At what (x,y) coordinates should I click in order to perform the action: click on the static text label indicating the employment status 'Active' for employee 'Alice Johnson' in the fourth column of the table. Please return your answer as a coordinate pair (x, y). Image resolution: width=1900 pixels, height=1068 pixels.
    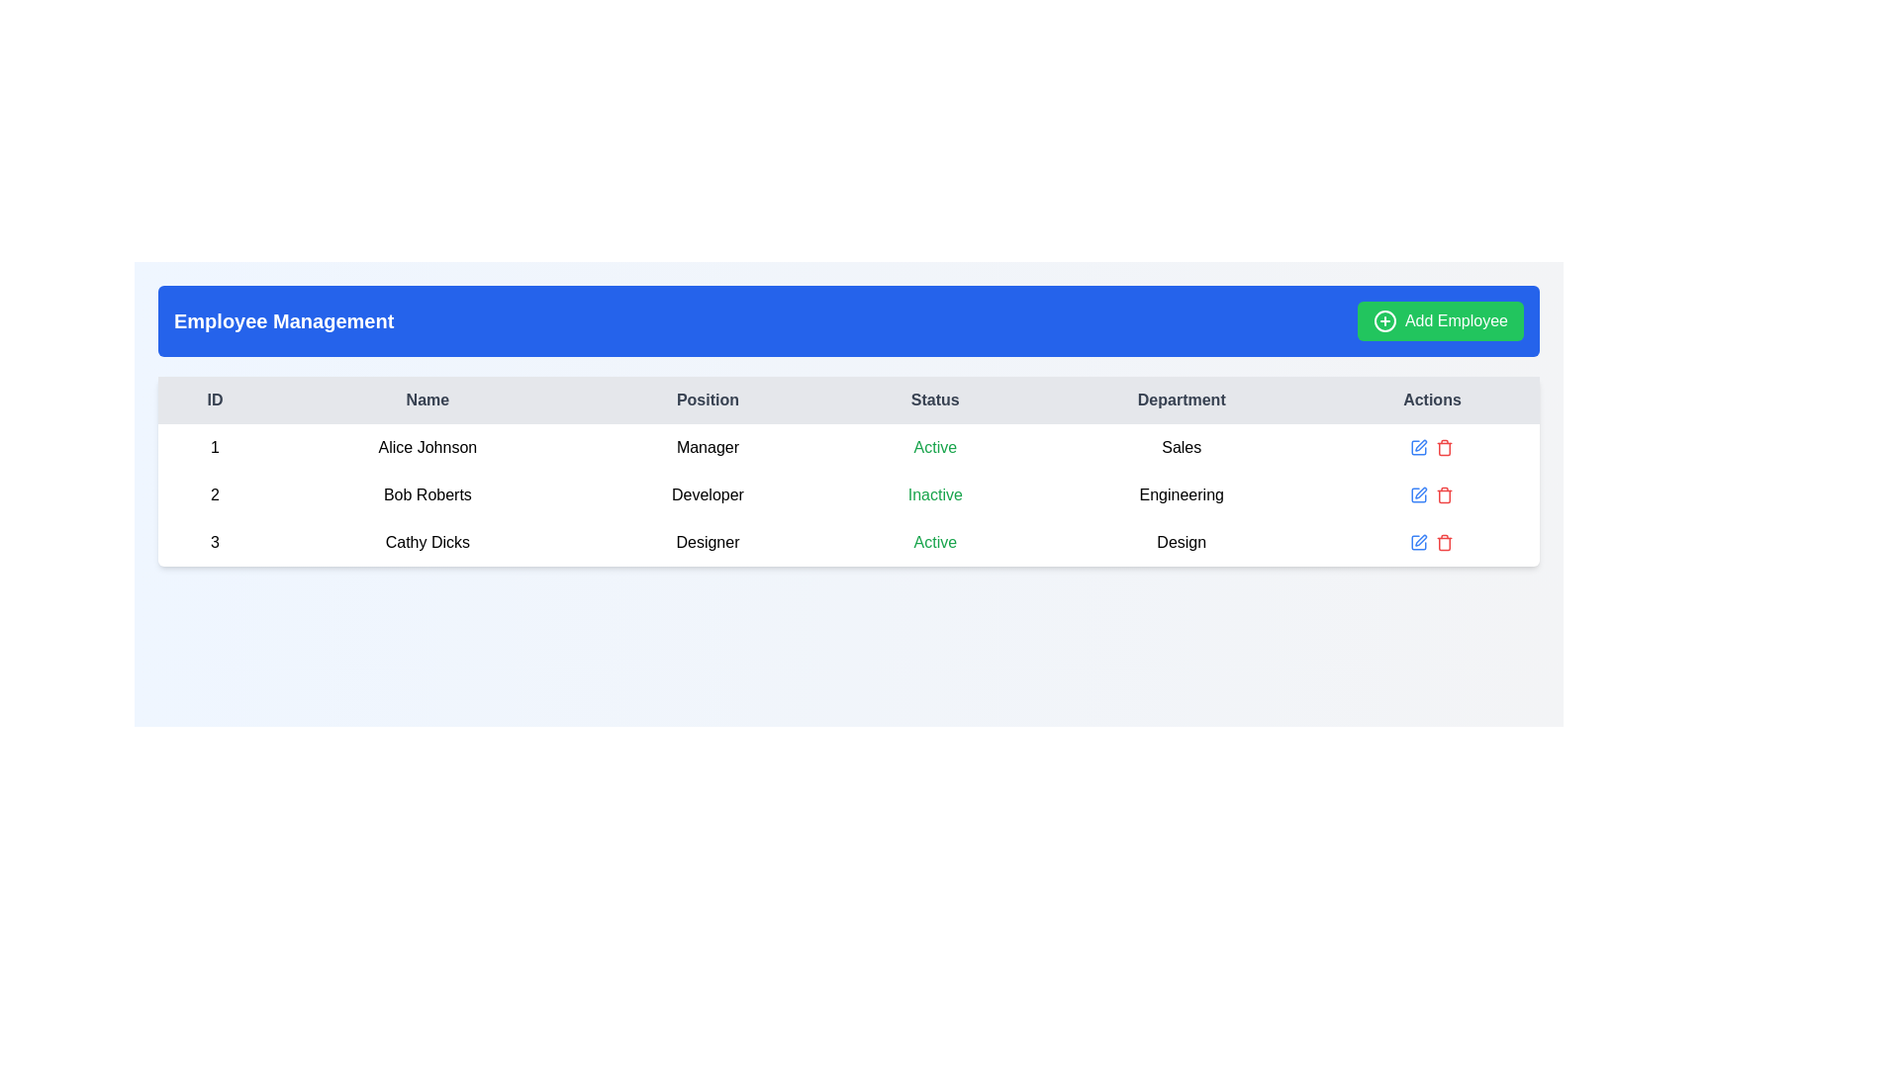
    Looking at the image, I should click on (934, 447).